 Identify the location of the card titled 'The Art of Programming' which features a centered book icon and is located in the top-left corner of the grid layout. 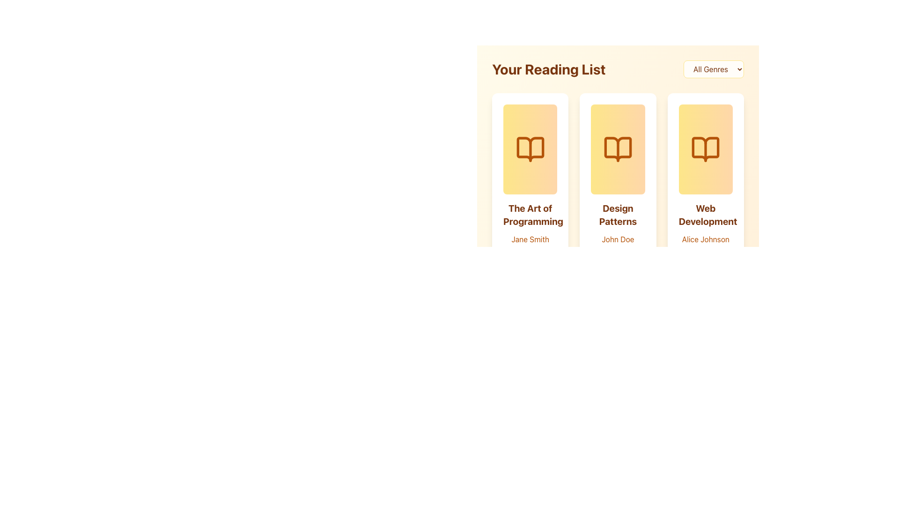
(530, 206).